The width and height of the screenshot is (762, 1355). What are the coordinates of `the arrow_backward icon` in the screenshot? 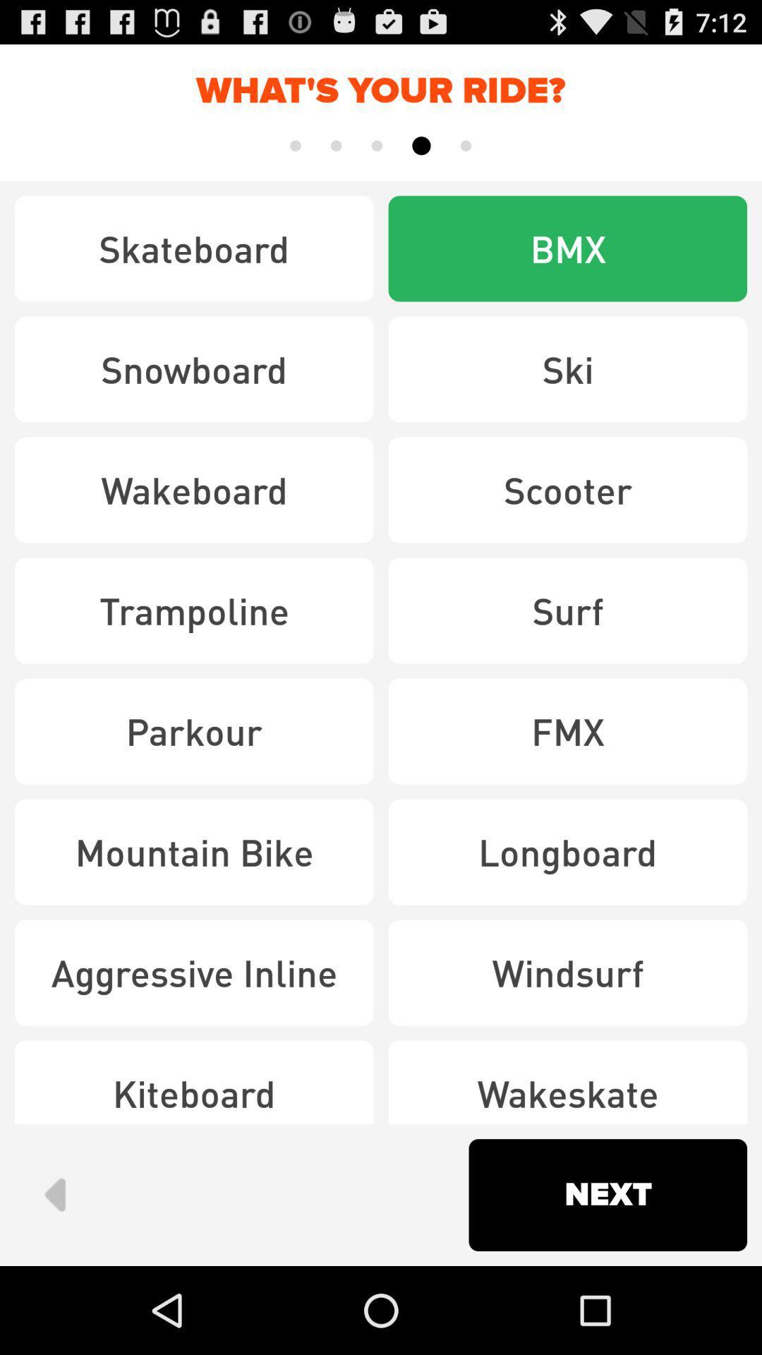 It's located at (54, 1279).